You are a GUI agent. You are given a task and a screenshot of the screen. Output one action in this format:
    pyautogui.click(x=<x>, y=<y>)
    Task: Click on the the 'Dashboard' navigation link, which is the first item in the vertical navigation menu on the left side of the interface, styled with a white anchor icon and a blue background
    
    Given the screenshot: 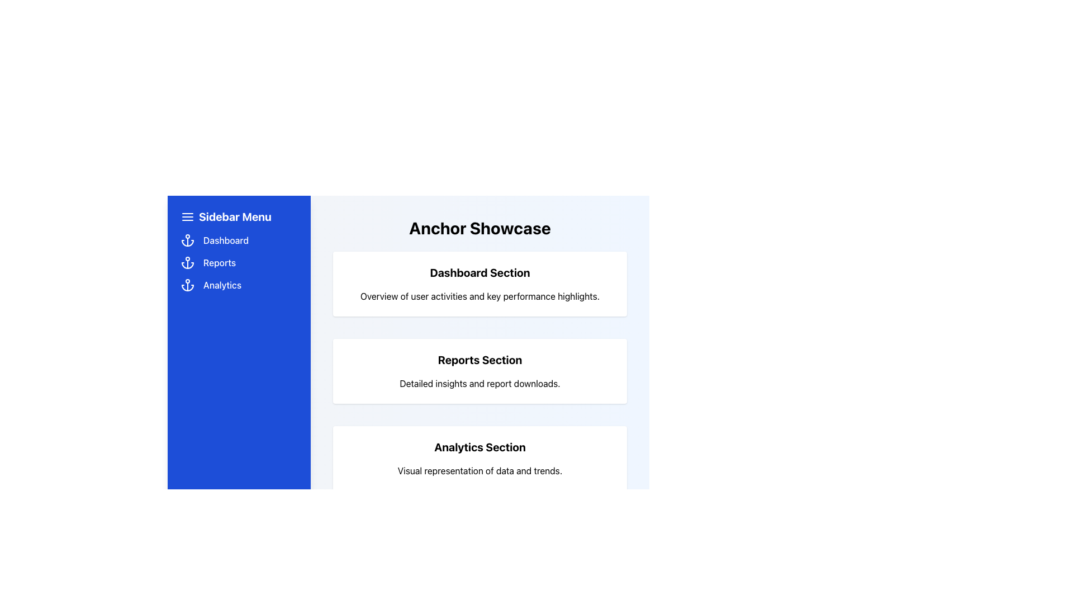 What is the action you would take?
    pyautogui.click(x=238, y=239)
    